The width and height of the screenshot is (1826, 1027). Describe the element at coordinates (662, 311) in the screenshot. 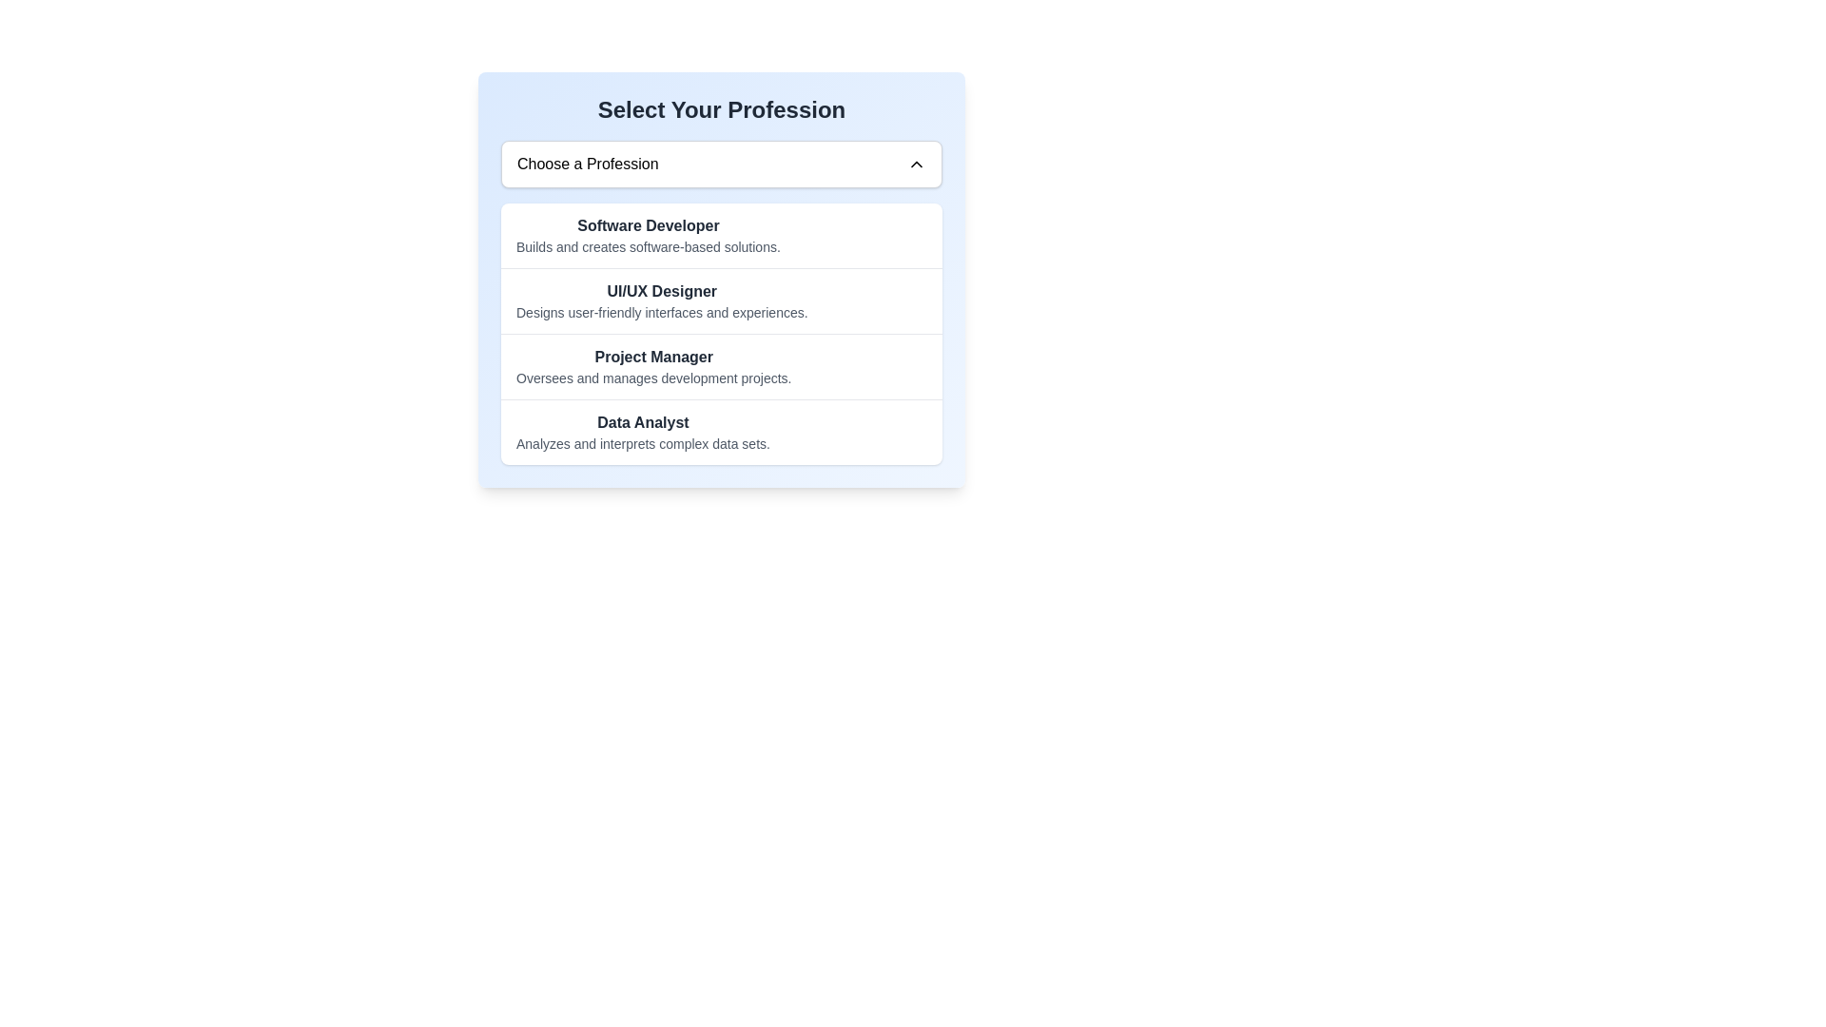

I see `the text label that reads 'Designs user-friendly interfaces and experiences.', which is styled in small gray font and positioned below the 'UI/UX Designer' text` at that location.